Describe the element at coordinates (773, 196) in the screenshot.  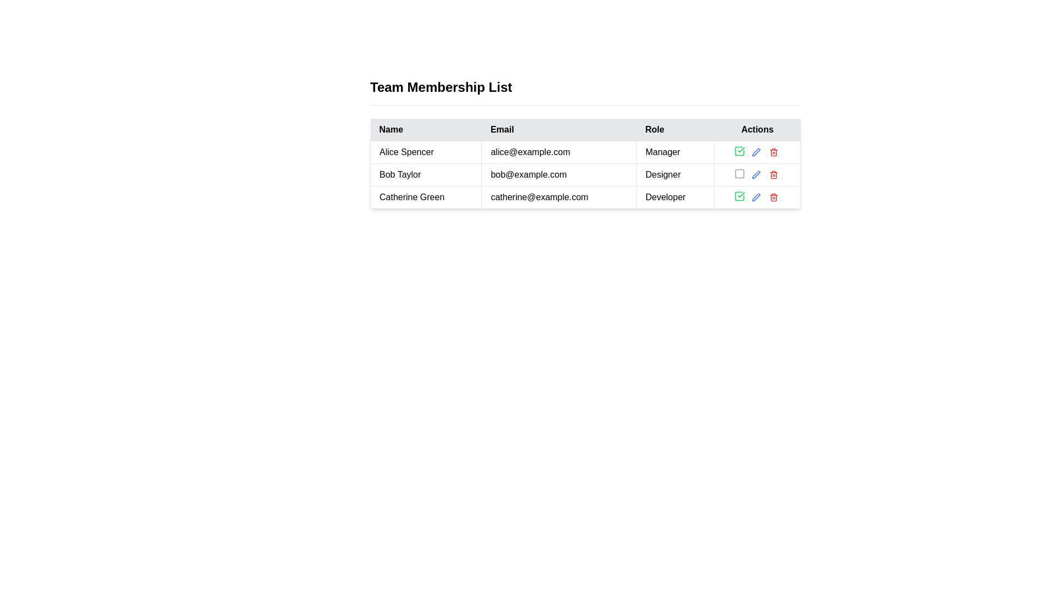
I see `the red trashcan icon in the Actions column of the last row in the table` at that location.